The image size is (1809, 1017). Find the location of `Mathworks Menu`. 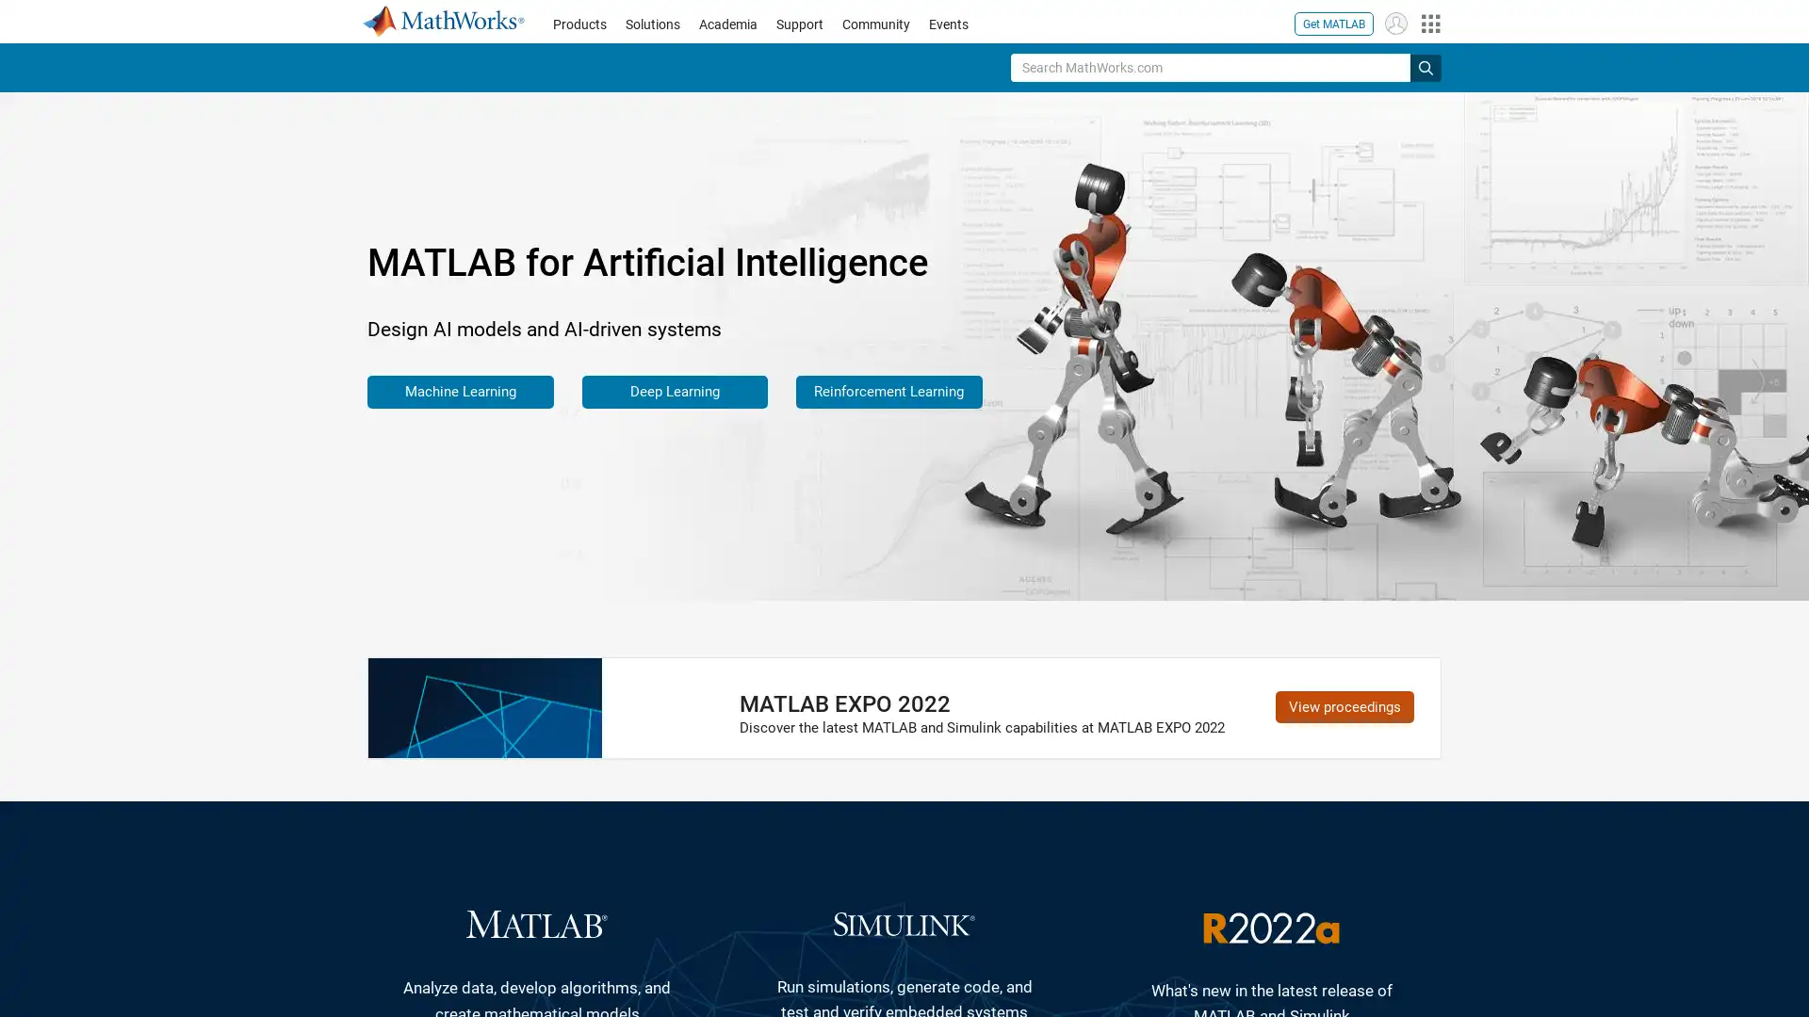

Mathworks Menu is located at coordinates (1429, 23).